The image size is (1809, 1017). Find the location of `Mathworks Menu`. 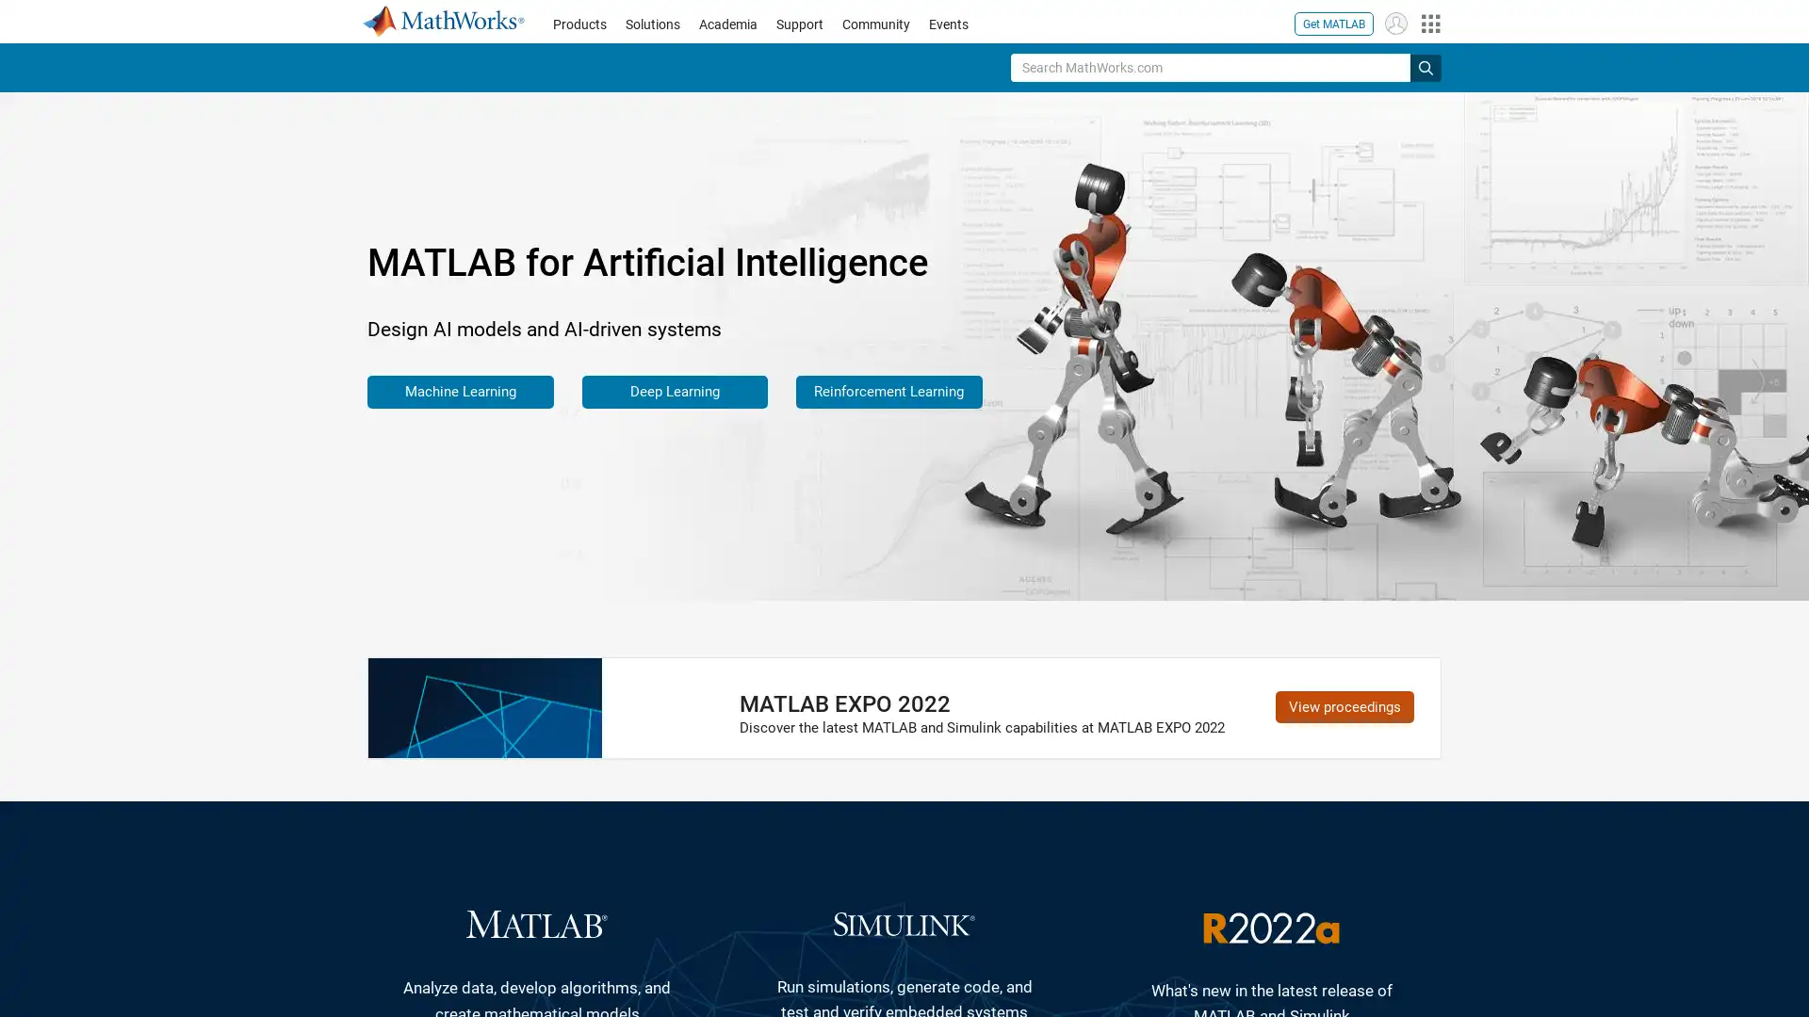

Mathworks Menu is located at coordinates (1429, 23).